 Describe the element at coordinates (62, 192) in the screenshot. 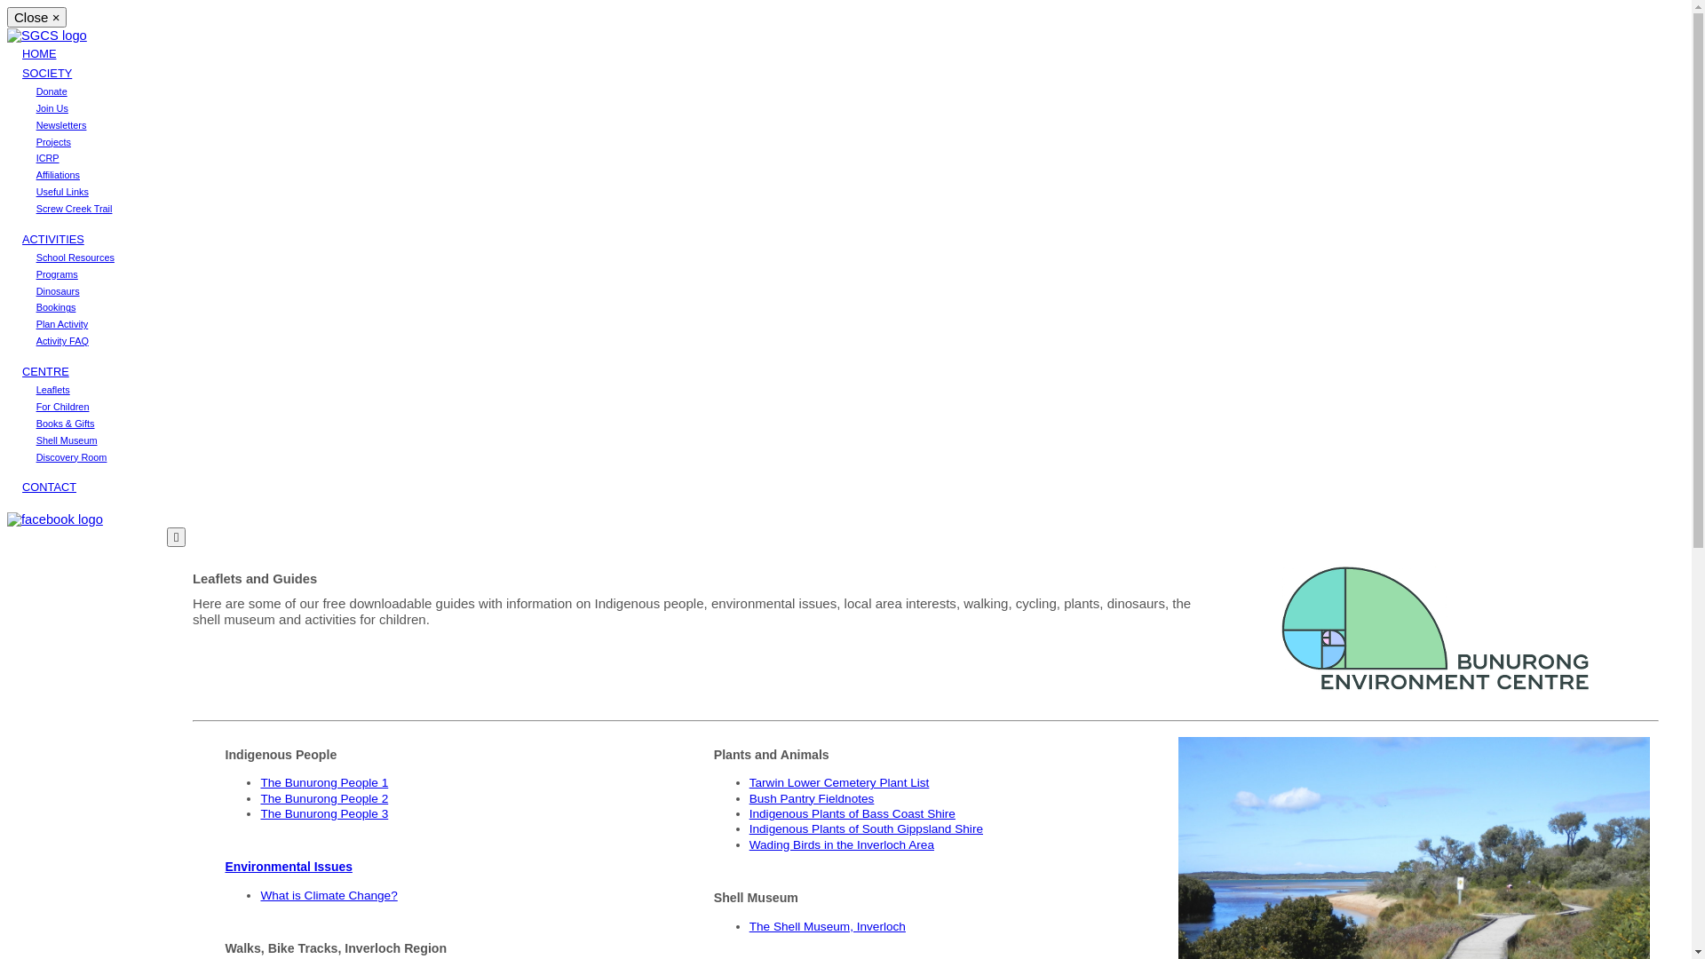

I see `'Useful Links'` at that location.